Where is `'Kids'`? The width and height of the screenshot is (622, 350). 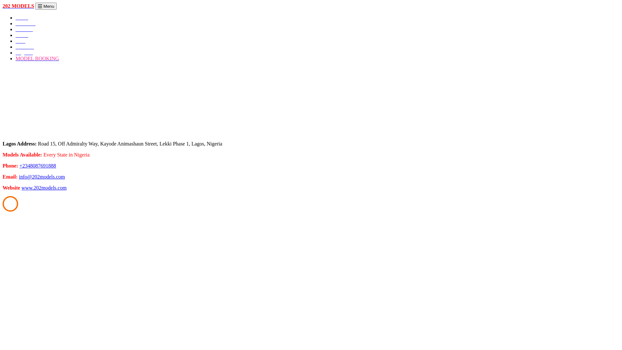
'Kids' is located at coordinates (20, 41).